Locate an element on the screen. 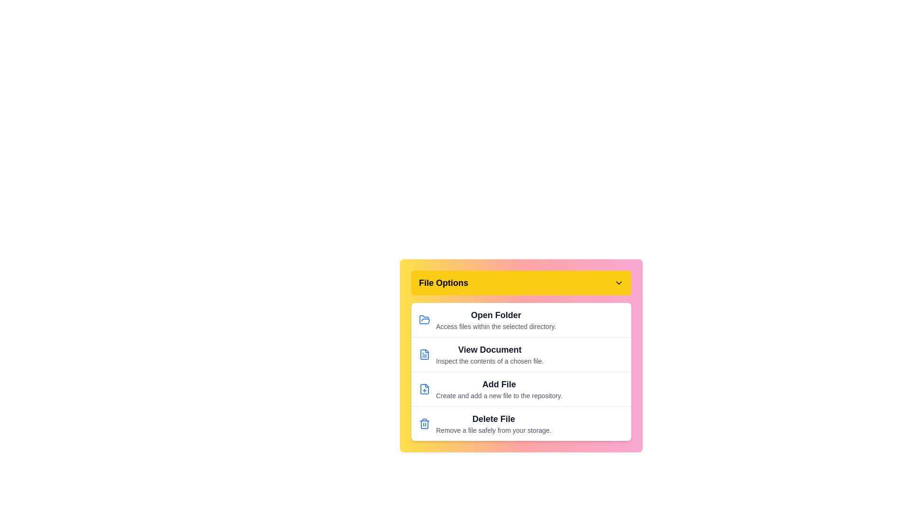 This screenshot has width=910, height=512. the 'Add File' menu item, which is the third option in the vertical list within the 'File Options' menu is located at coordinates (499, 389).